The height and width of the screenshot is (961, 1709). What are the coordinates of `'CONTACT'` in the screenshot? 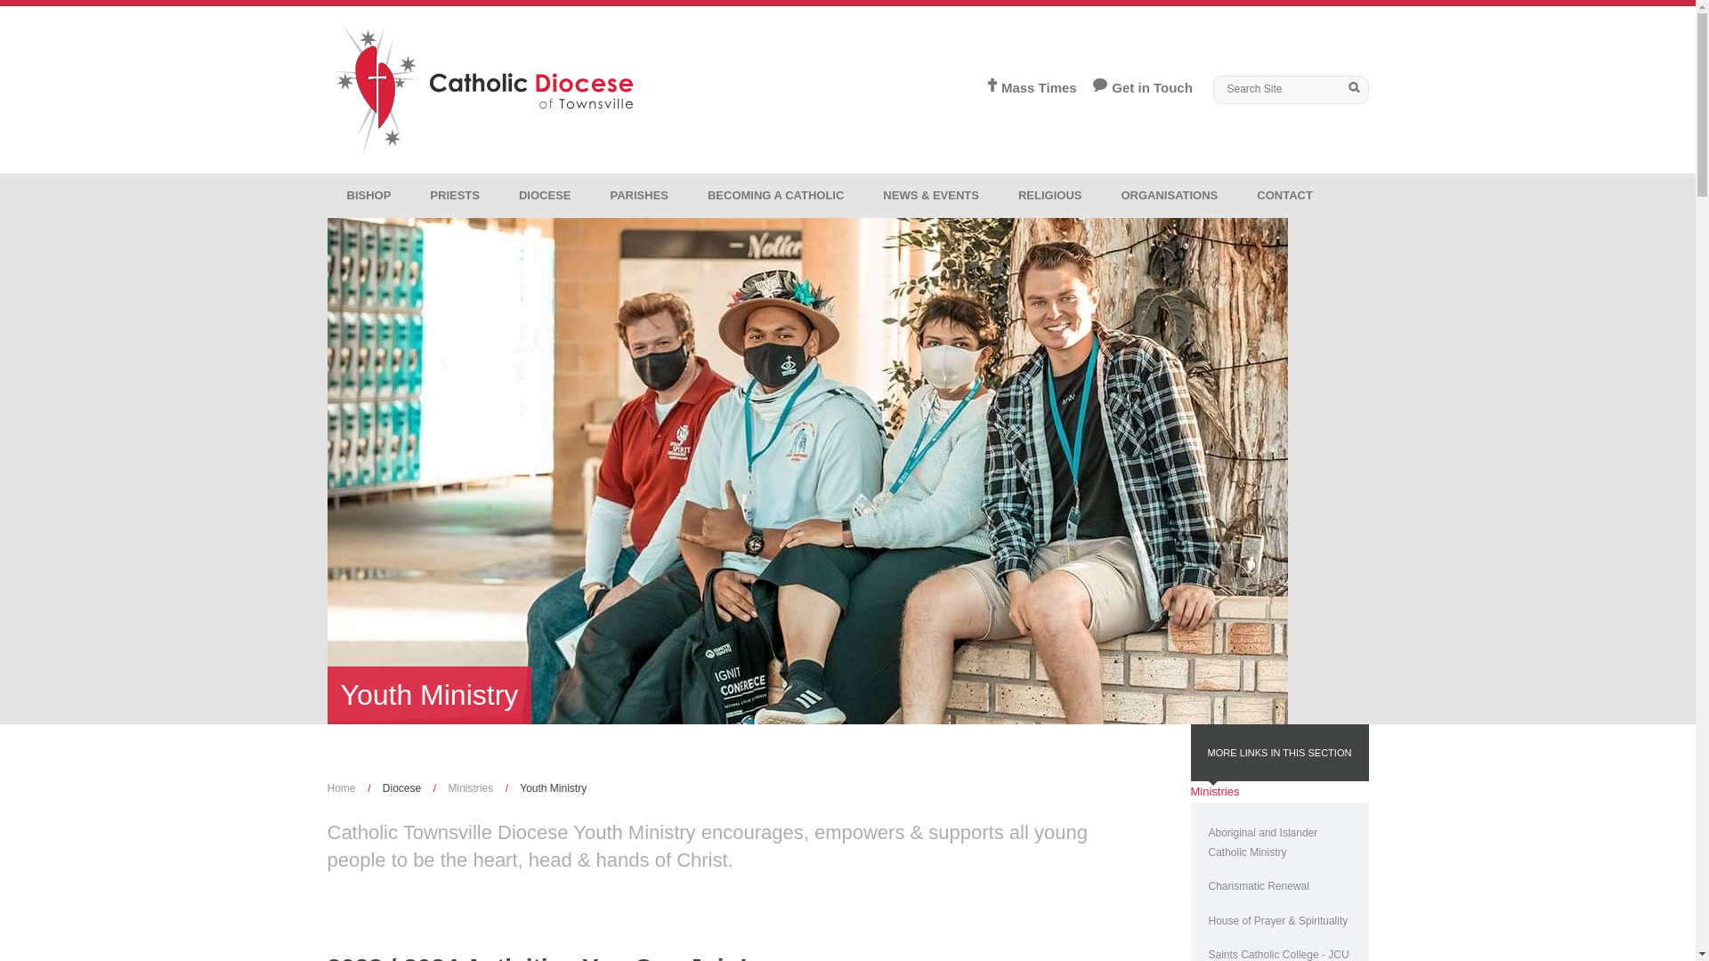 It's located at (1284, 195).